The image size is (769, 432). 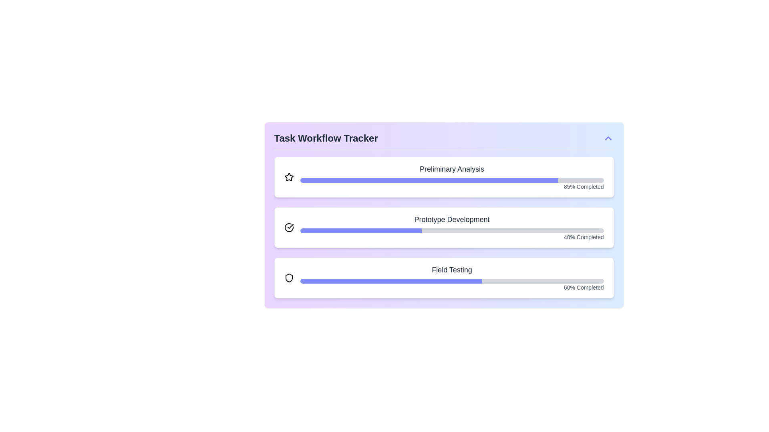 What do you see at coordinates (452, 231) in the screenshot?
I see `the progress bar that is visually characterized by a gray background and a blue filled portion indicating 40% completion, located centrally within the task card section` at bounding box center [452, 231].